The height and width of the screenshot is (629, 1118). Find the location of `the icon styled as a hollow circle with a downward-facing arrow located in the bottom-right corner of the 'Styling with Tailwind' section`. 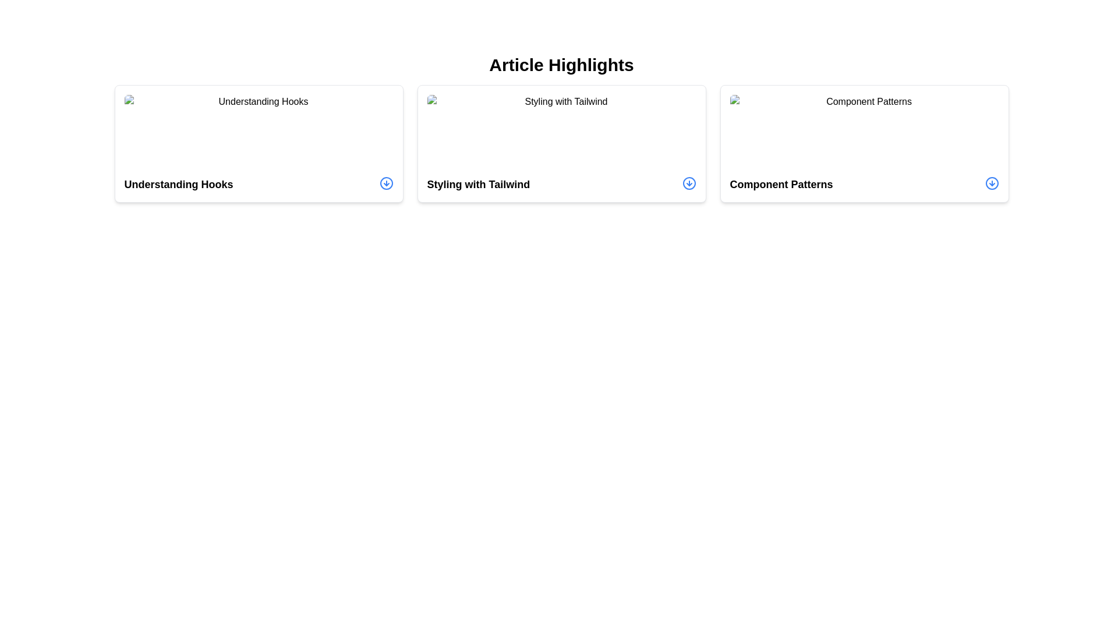

the icon styled as a hollow circle with a downward-facing arrow located in the bottom-right corner of the 'Styling with Tailwind' section is located at coordinates (689, 183).